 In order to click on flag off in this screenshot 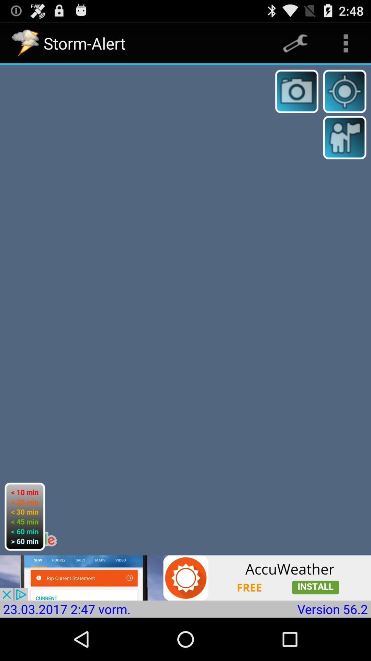, I will do `click(345, 137)`.